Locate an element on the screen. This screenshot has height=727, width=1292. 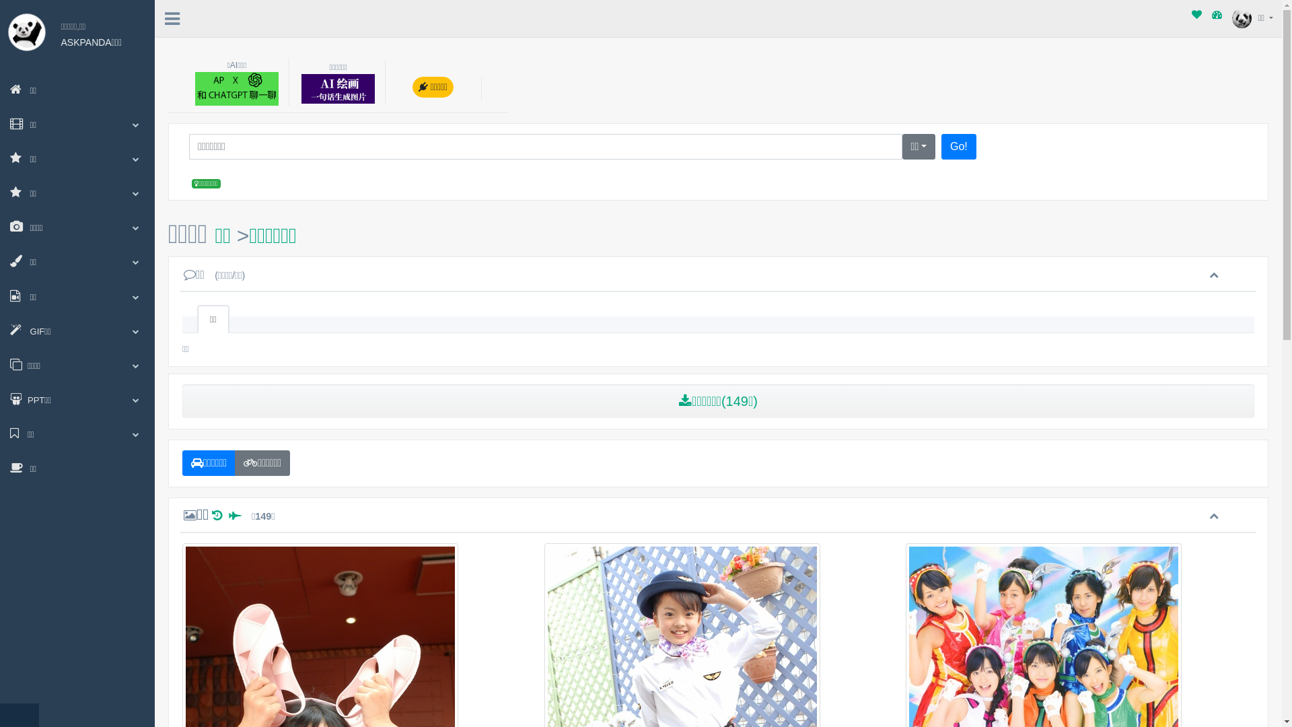
'Go!' is located at coordinates (958, 147).